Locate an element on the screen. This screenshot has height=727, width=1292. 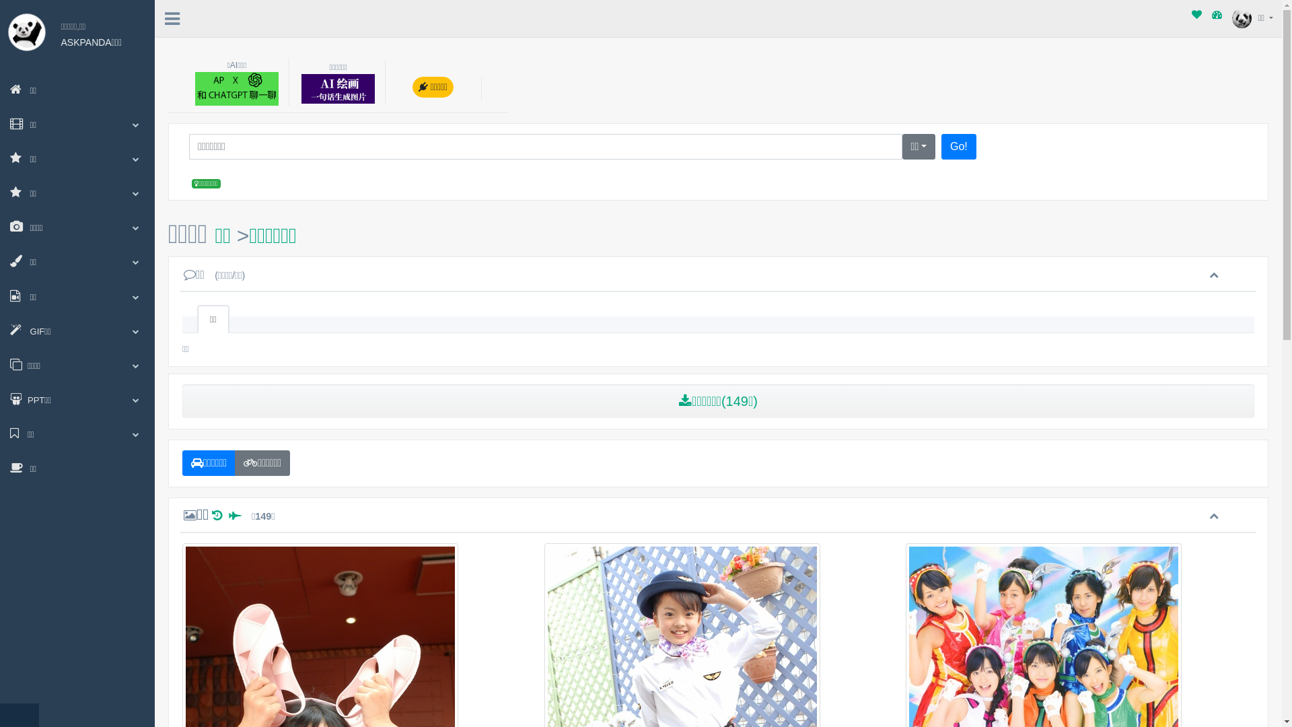
'Go!' is located at coordinates (958, 147).